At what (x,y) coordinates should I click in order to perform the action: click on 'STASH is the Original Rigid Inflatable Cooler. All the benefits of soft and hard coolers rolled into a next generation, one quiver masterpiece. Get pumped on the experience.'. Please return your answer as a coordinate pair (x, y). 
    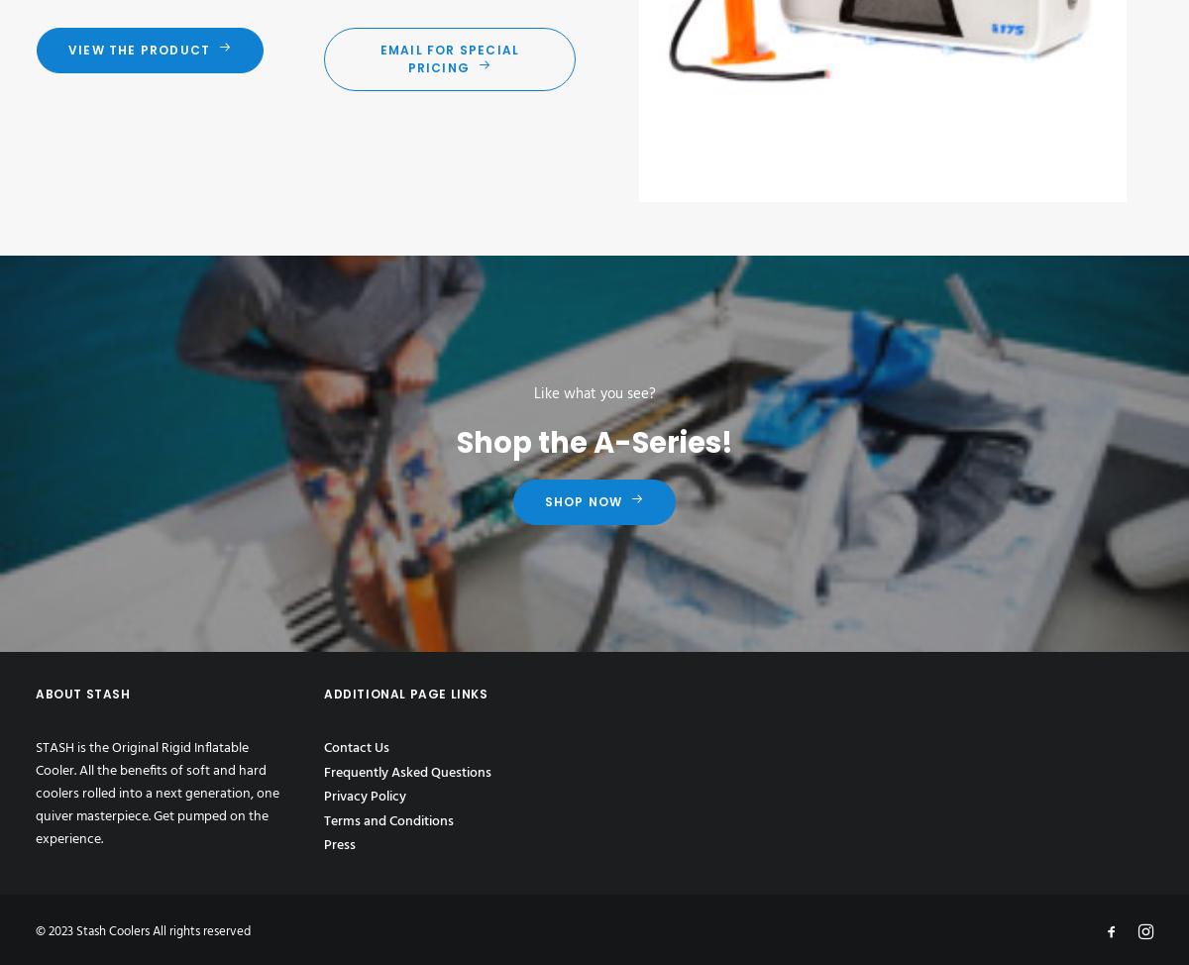
    Looking at the image, I should click on (157, 793).